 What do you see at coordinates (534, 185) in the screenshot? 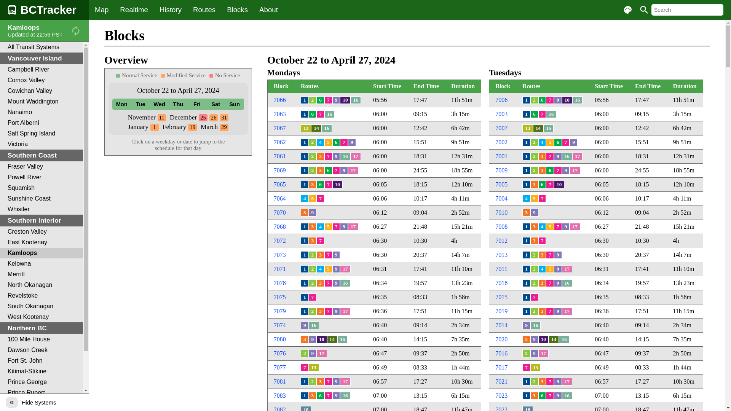
I see `'3'` at bounding box center [534, 185].